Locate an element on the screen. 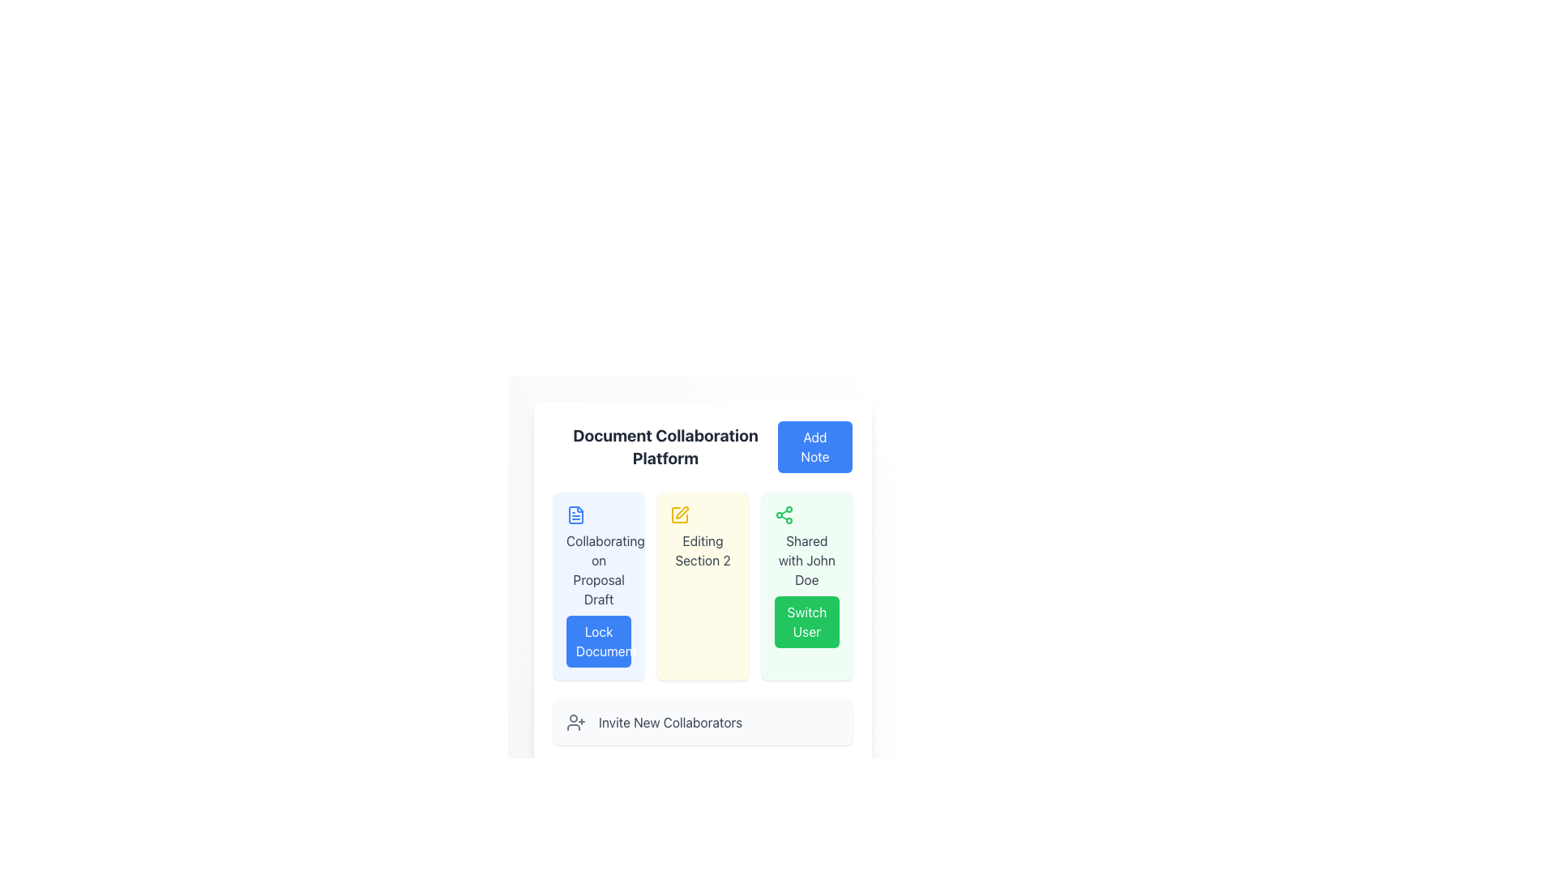  the text label indicating that the current item has been shared with John Doe, located in the green card labeled 'Shared with John Doe' above the 'Switch User' button is located at coordinates (806, 559).